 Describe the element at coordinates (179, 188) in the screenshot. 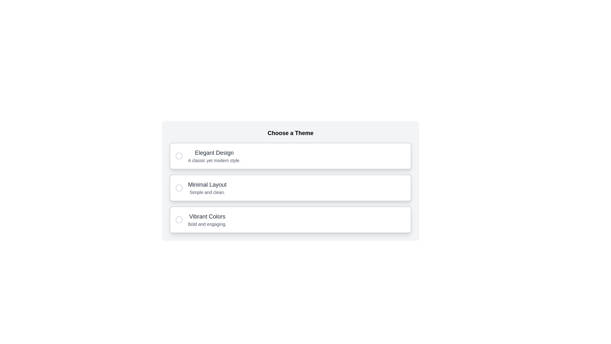

I see `the 'Minimal Layout' radio button` at that location.